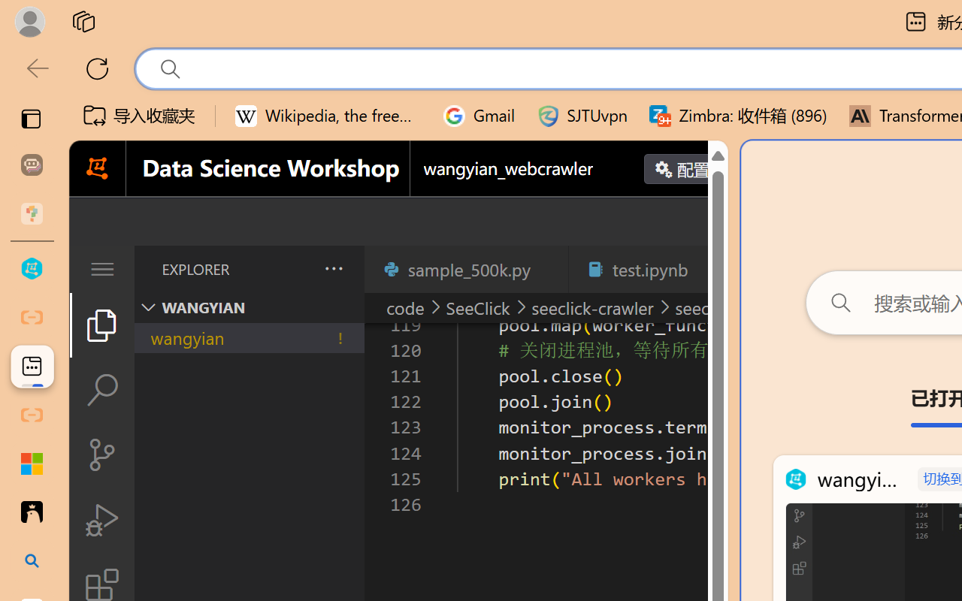 This screenshot has width=962, height=601. What do you see at coordinates (331, 268) in the screenshot?
I see `'Views and More Actions...'` at bounding box center [331, 268].